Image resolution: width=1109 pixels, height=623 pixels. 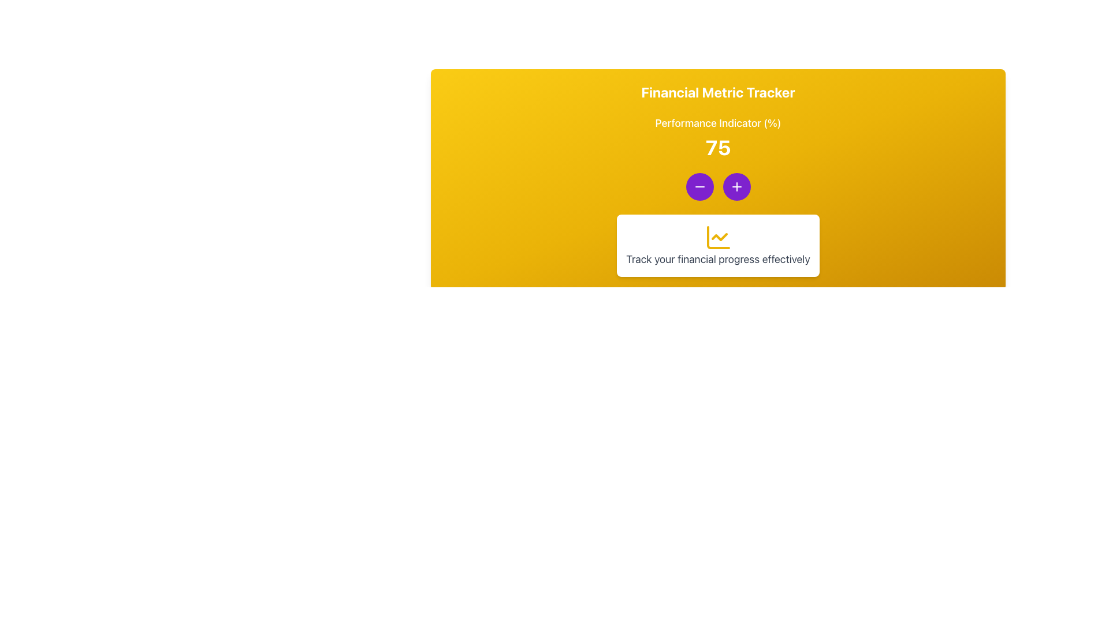 What do you see at coordinates (717, 123) in the screenshot?
I see `the text label that serves as a descriptive title for the performance indicator metric located above the bold numeric value '75', centered horizontally on the golden panel` at bounding box center [717, 123].